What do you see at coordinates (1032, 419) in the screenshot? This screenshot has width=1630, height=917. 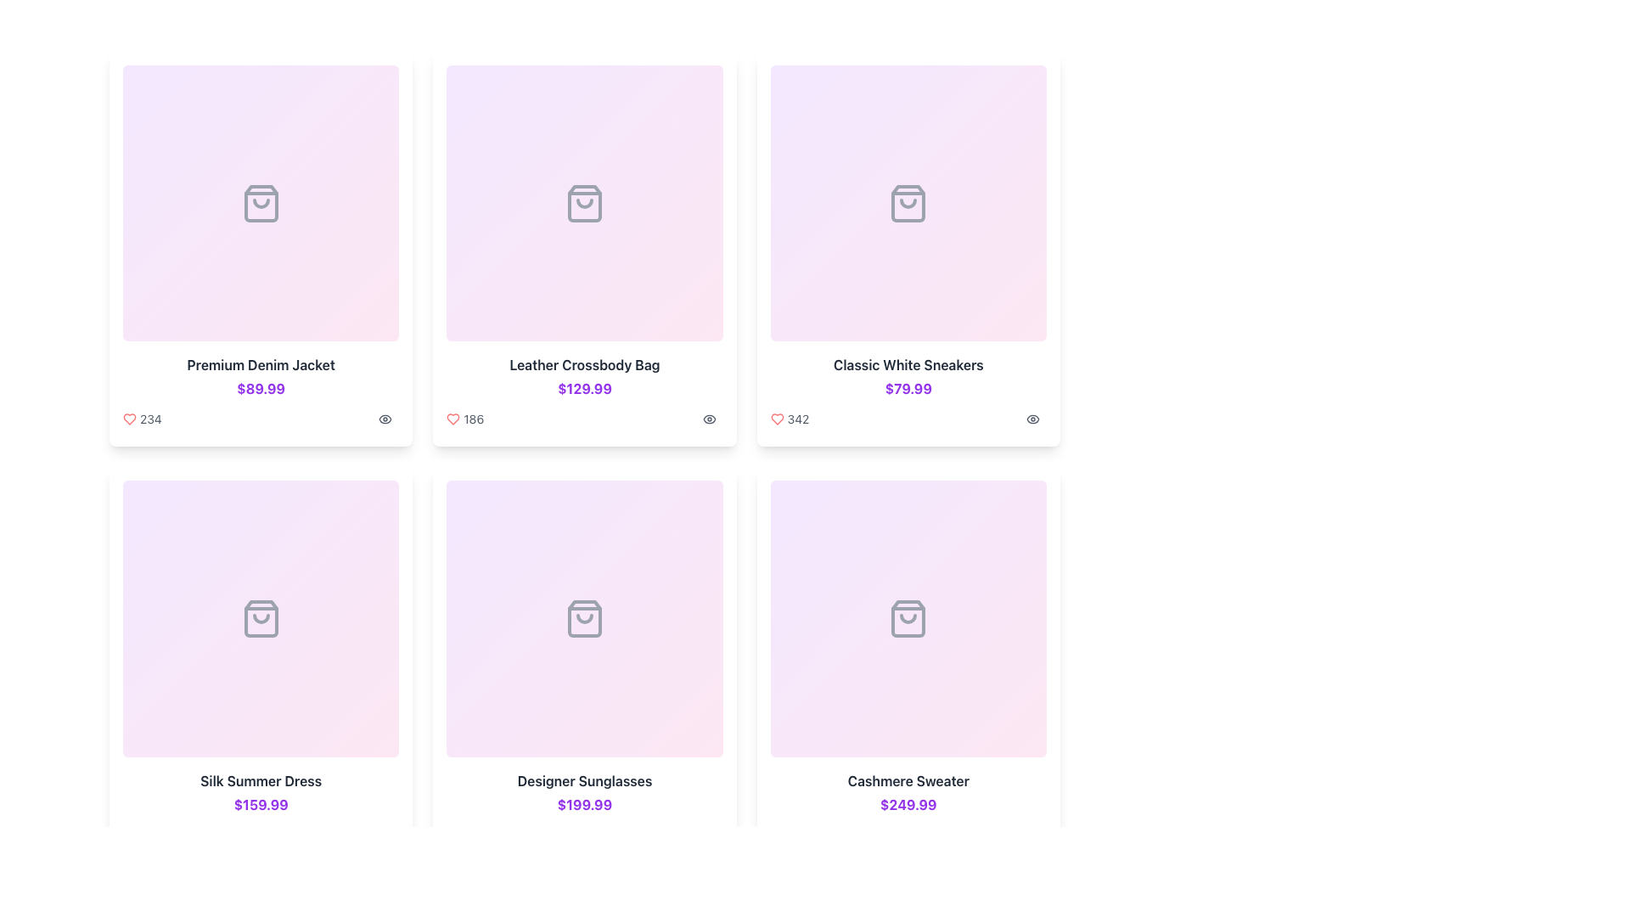 I see `the visibility icon that represents views, located in the bottom-right segment of the 'Classic White Sneakers' card` at bounding box center [1032, 419].